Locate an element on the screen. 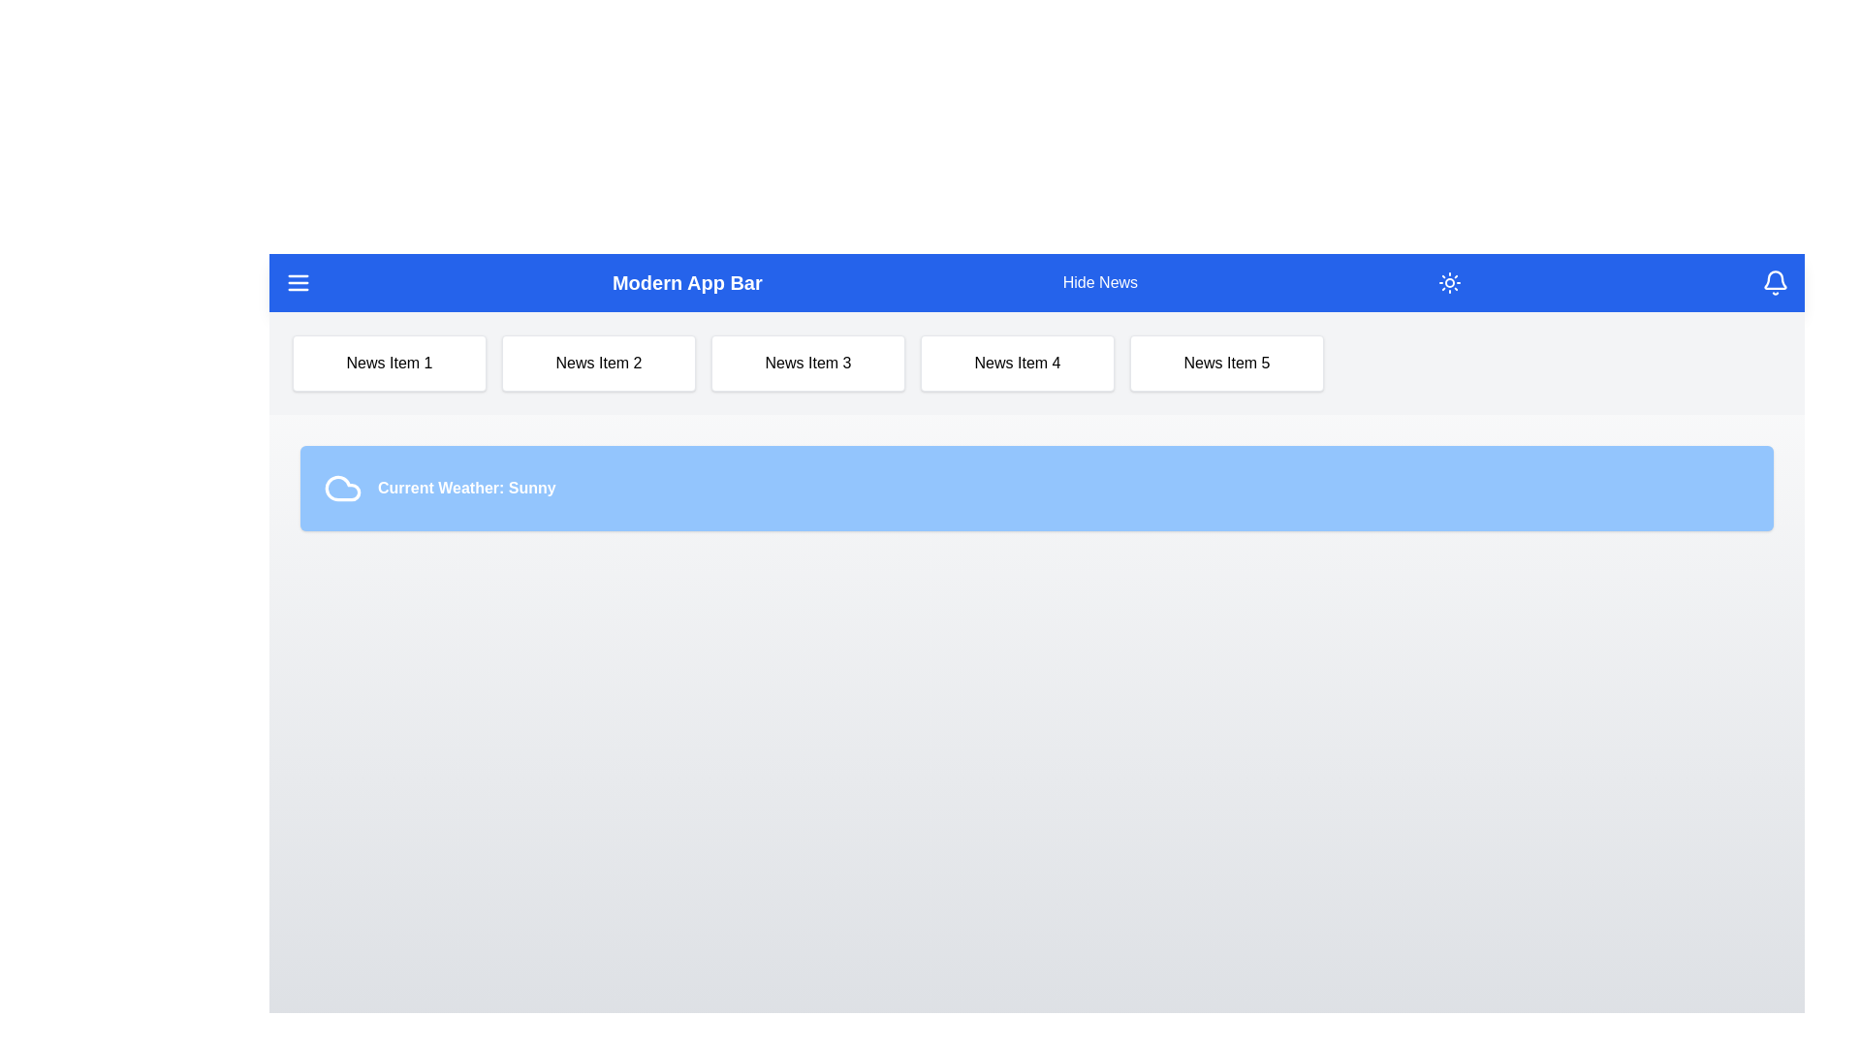 The image size is (1861, 1047). the 'Hide News' button to toggle the visibility of the news panel is located at coordinates (1099, 283).